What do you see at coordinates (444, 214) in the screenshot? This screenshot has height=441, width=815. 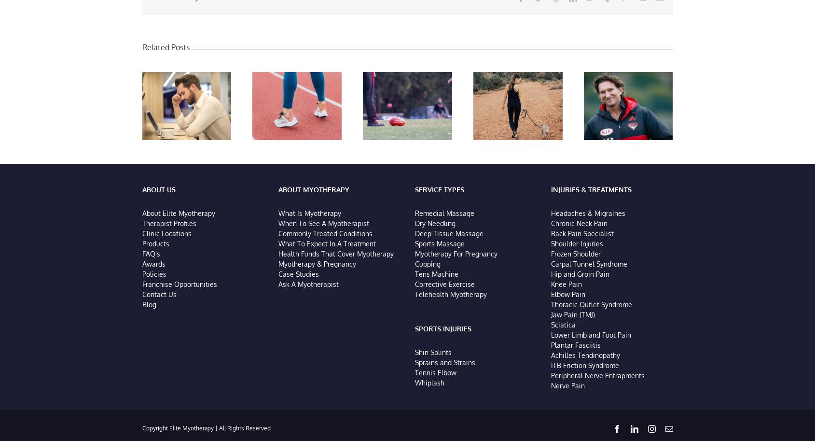 I see `'Remedial Massage'` at bounding box center [444, 214].